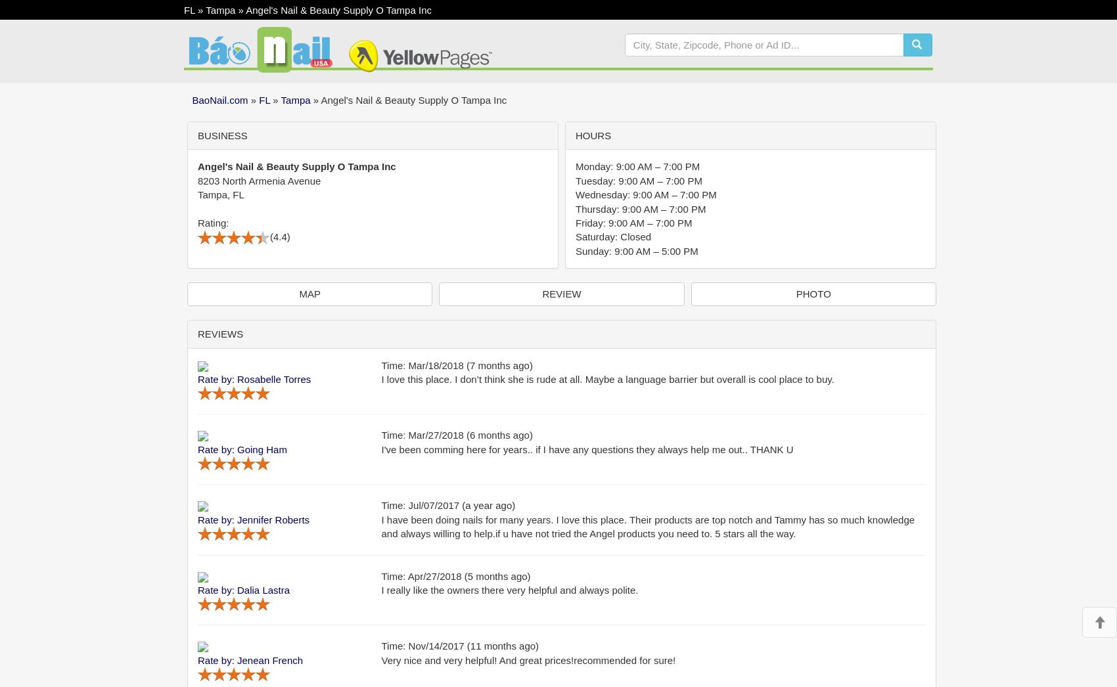 The image size is (1117, 687). What do you see at coordinates (221, 135) in the screenshot?
I see `'BUSINESS'` at bounding box center [221, 135].